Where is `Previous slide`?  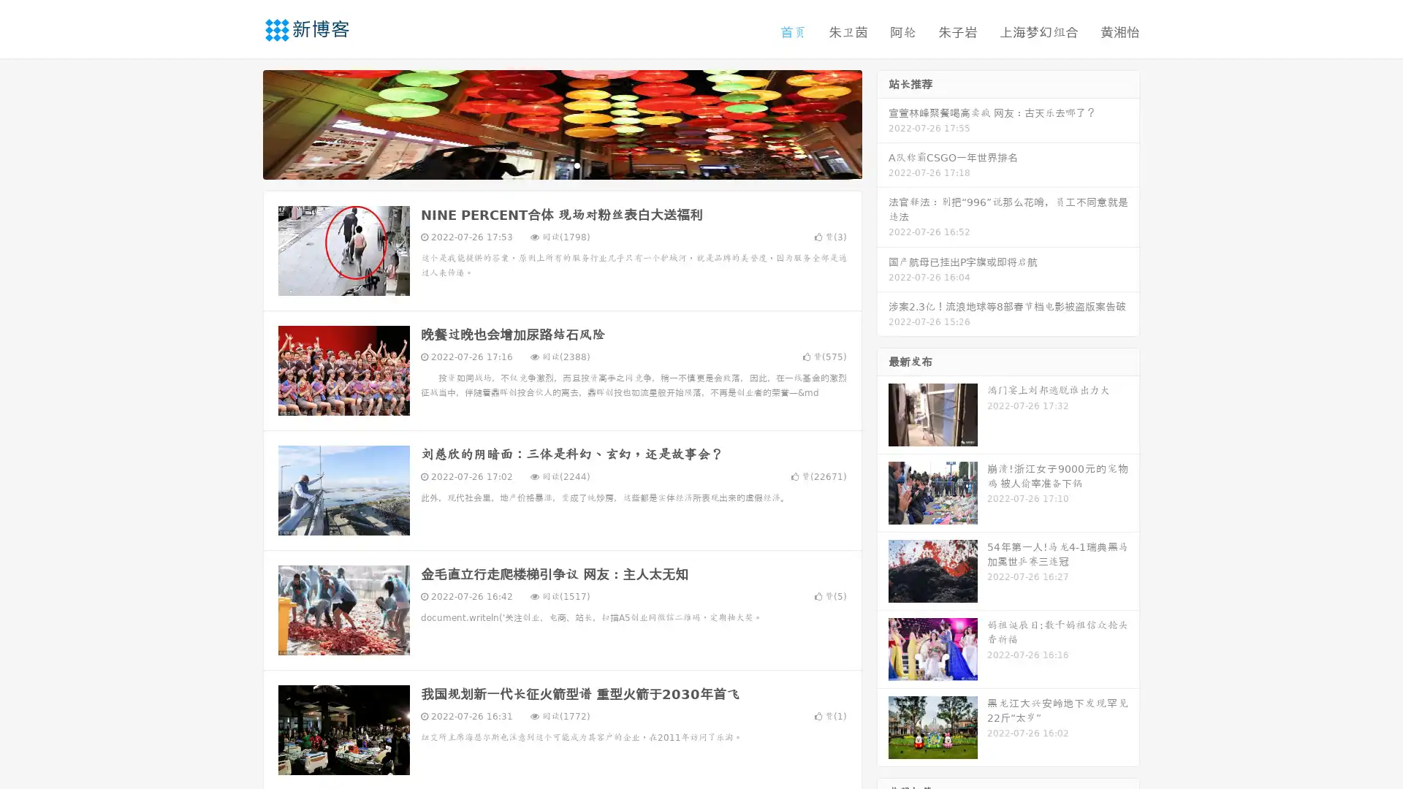
Previous slide is located at coordinates (241, 123).